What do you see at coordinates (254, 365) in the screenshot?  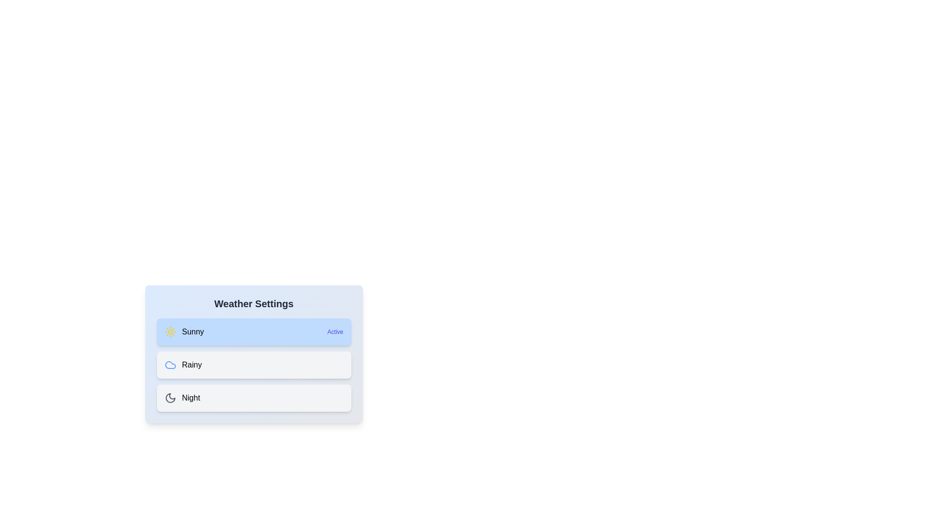 I see `the weather option Rainy by clicking on its respective list item` at bounding box center [254, 365].